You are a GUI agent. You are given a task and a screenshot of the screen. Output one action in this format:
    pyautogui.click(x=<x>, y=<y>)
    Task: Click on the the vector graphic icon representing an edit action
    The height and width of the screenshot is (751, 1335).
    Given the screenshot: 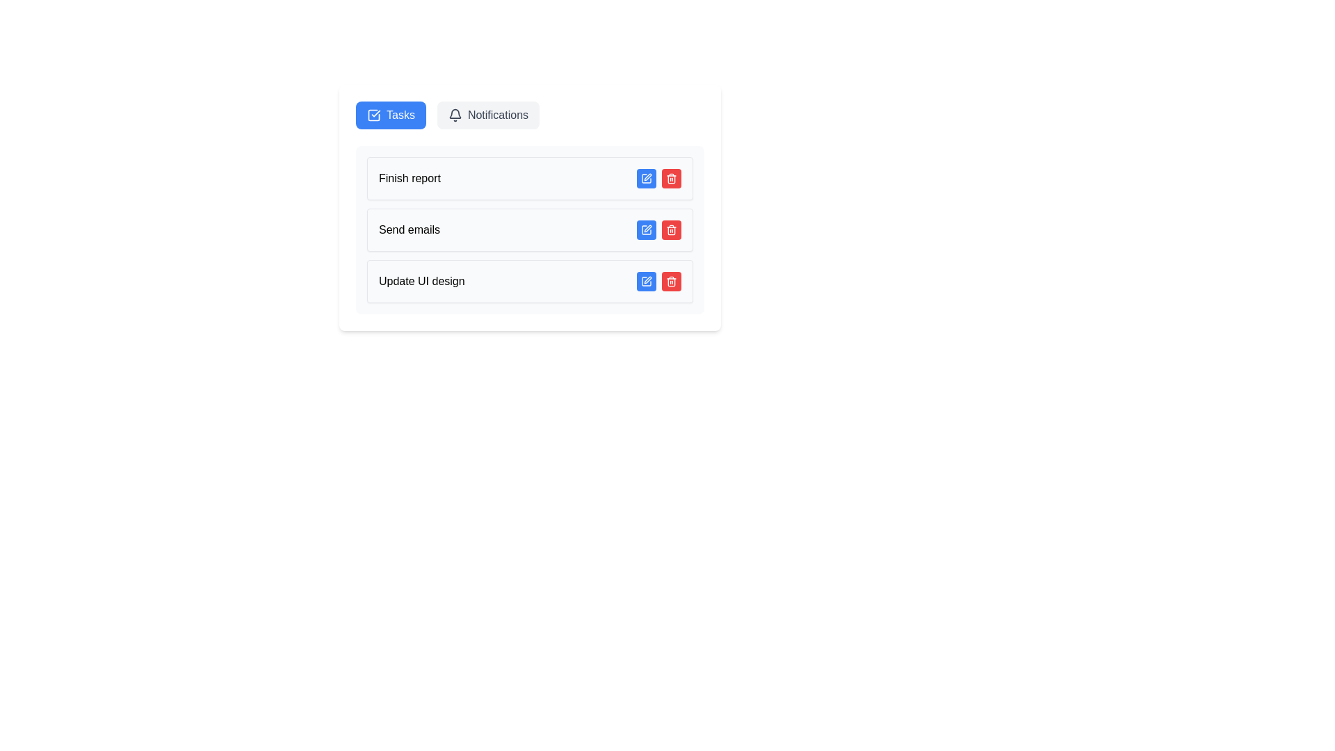 What is the action you would take?
    pyautogui.click(x=646, y=229)
    